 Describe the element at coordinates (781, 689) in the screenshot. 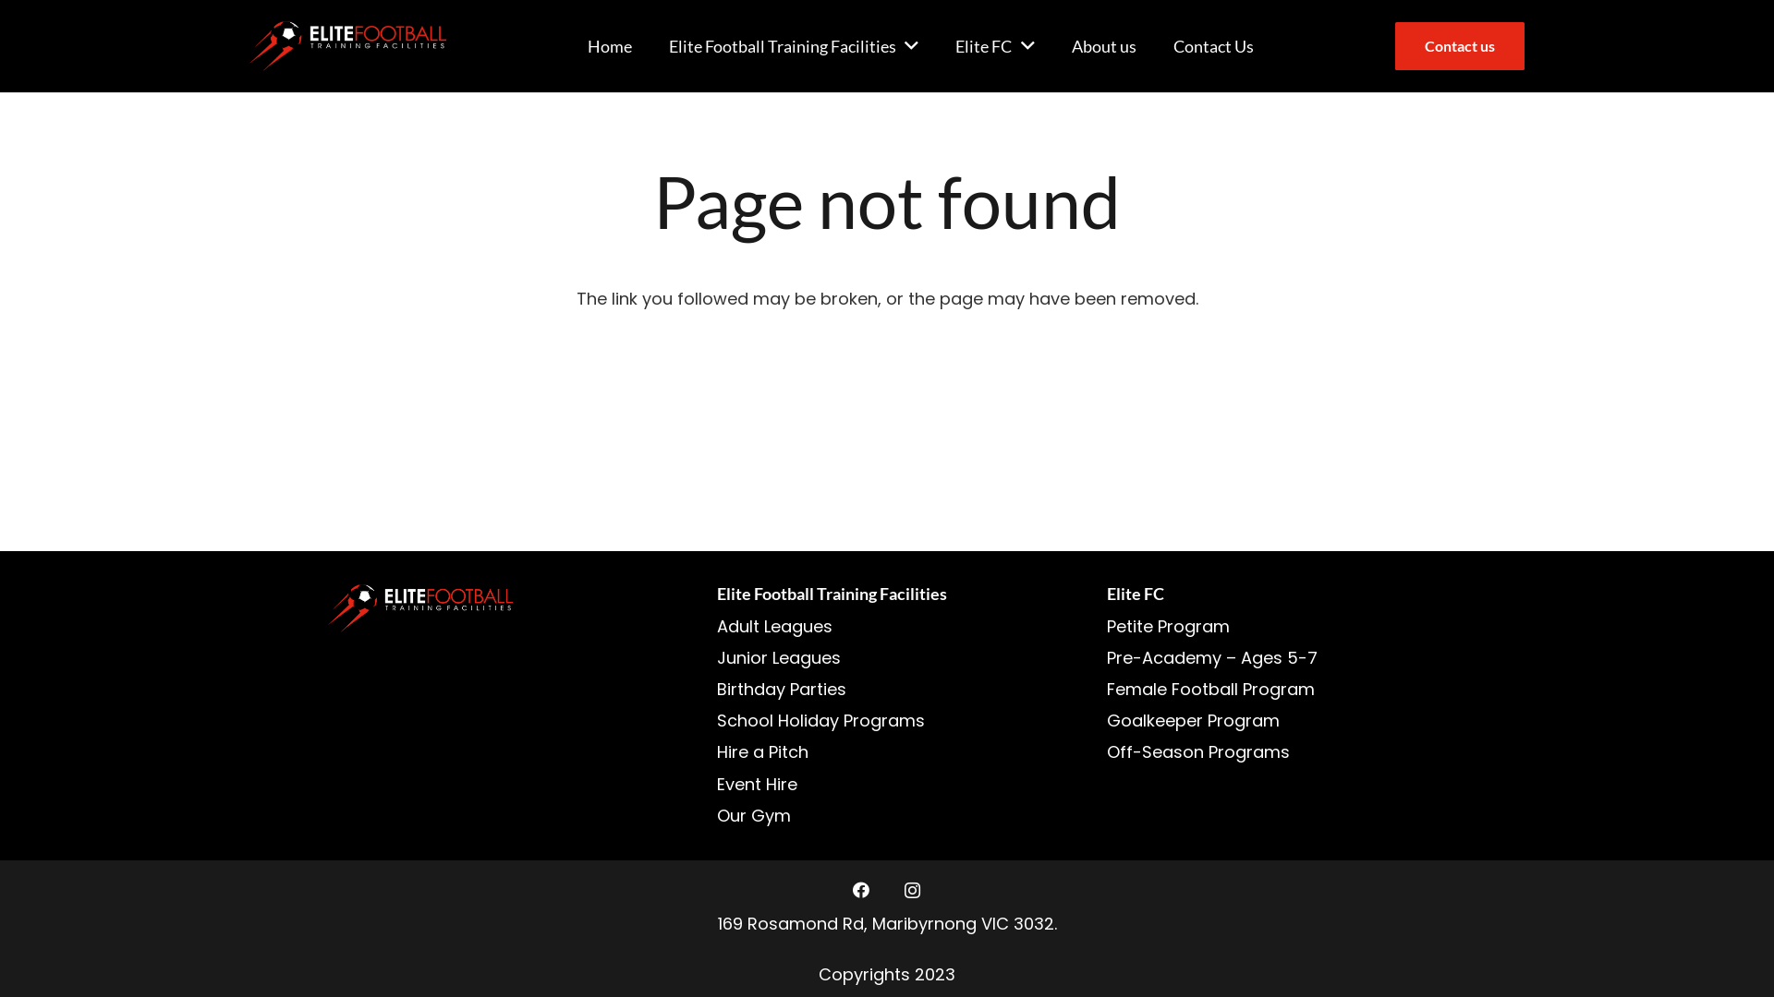

I see `'Birthday Parties'` at that location.